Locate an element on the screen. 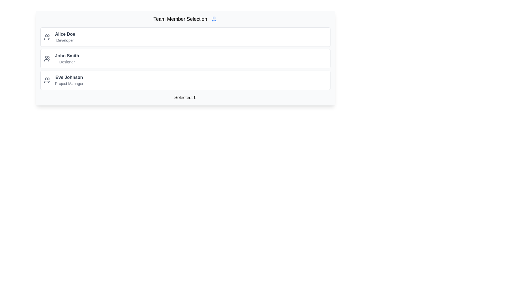  the text-based informational display showing 'John Smith' and 'Designer', which is located in the middle of a vertical list of cards is located at coordinates (67, 59).